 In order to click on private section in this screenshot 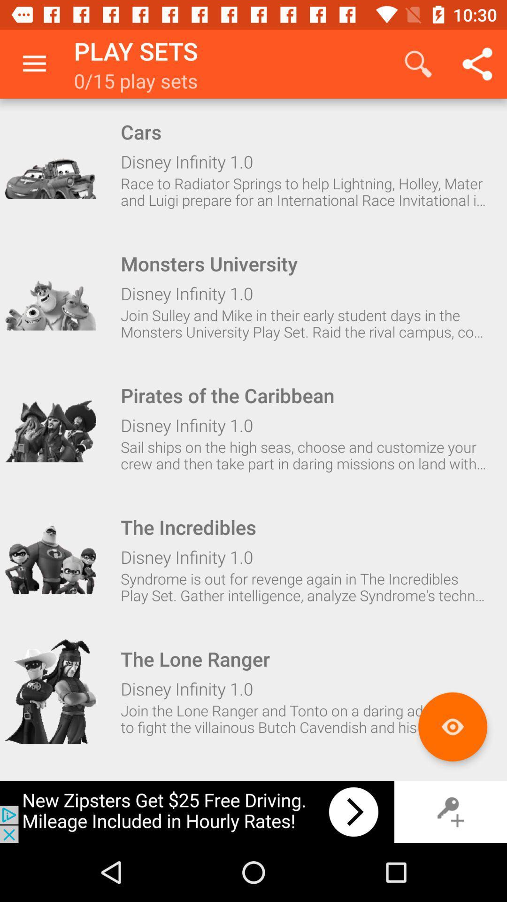, I will do `click(450, 811)`.